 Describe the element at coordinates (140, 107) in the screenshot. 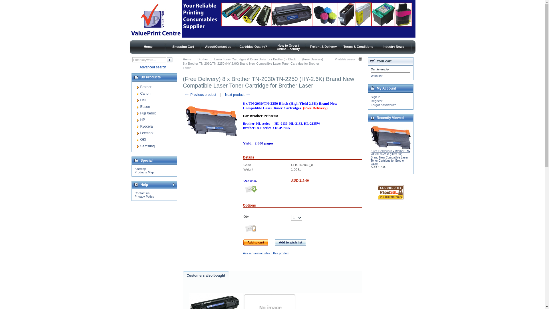

I see `'Epson'` at that location.